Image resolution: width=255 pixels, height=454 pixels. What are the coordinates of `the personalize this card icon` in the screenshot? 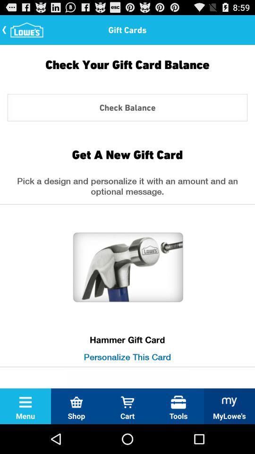 It's located at (127, 356).